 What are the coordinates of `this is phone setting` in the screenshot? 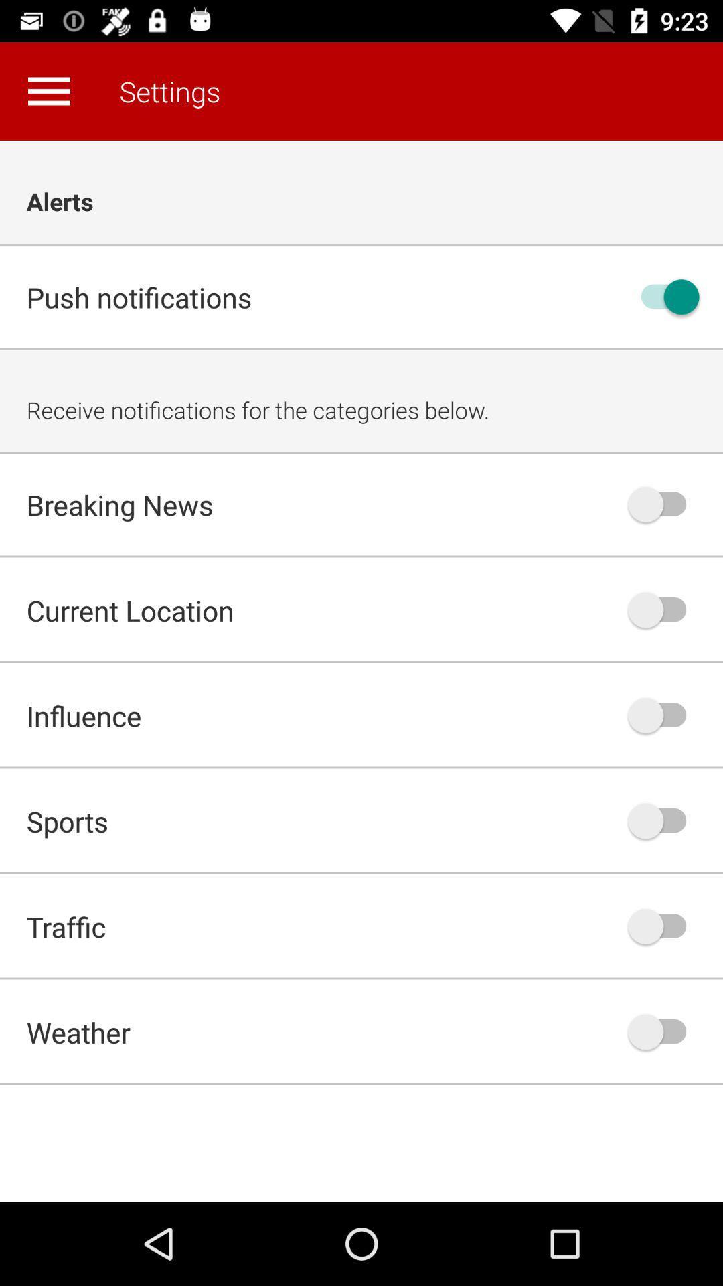 It's located at (663, 609).